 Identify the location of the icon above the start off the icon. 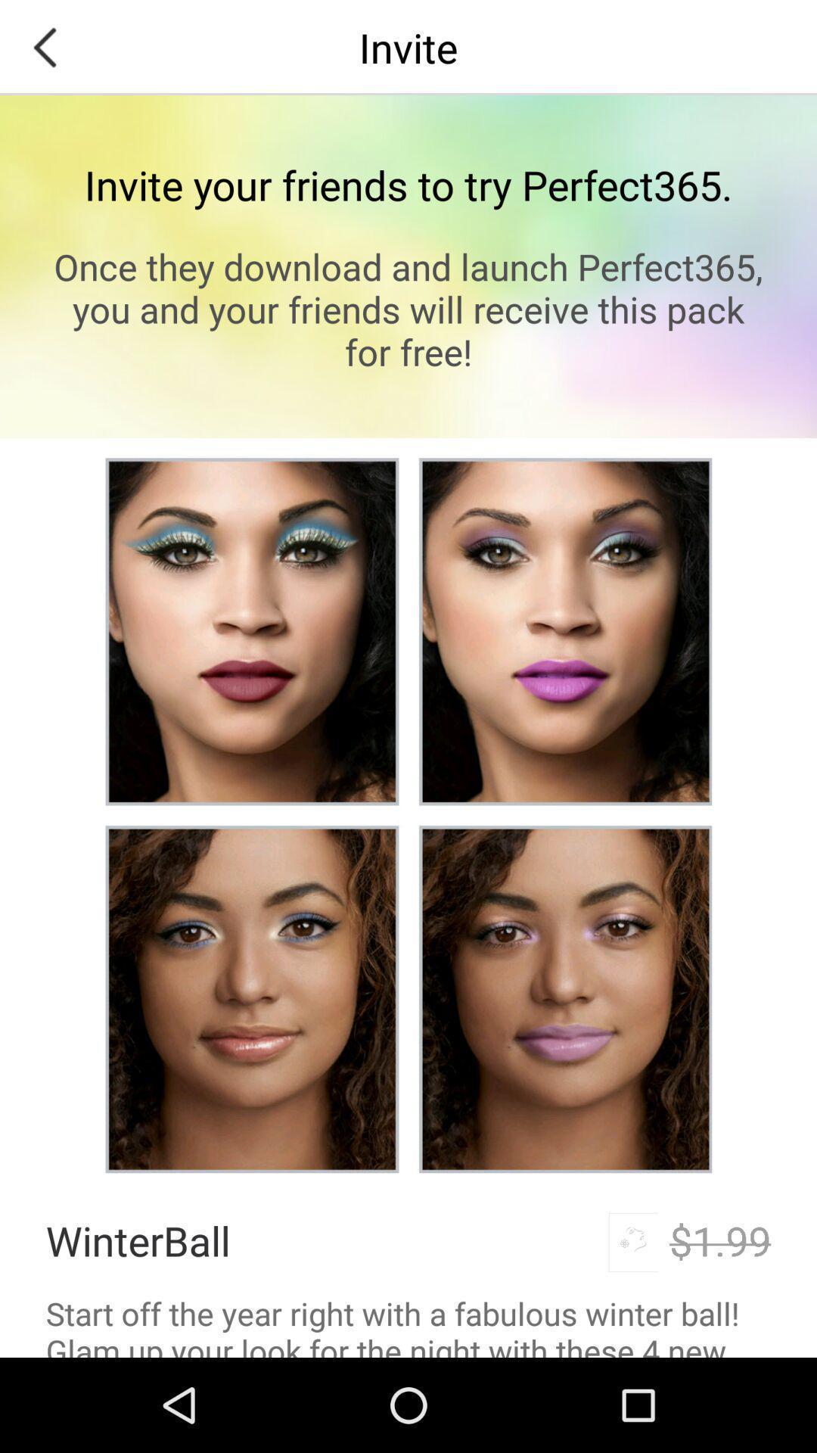
(719, 1240).